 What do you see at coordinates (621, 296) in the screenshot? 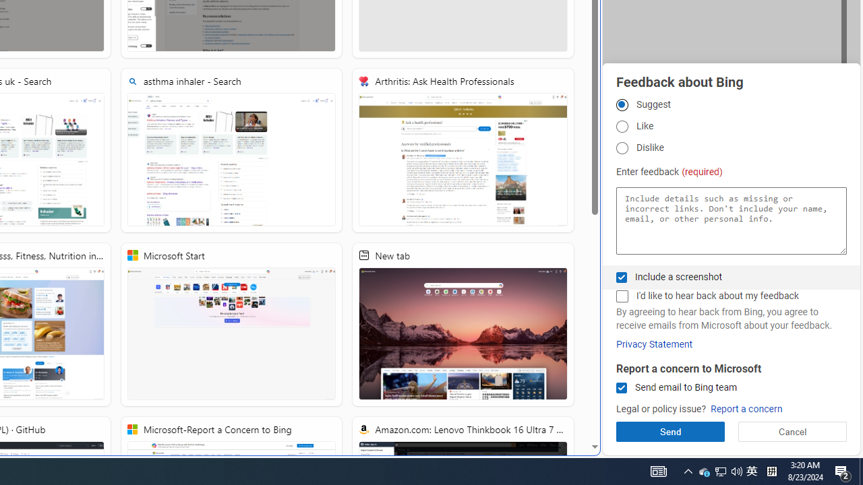
I see `'I'` at bounding box center [621, 296].